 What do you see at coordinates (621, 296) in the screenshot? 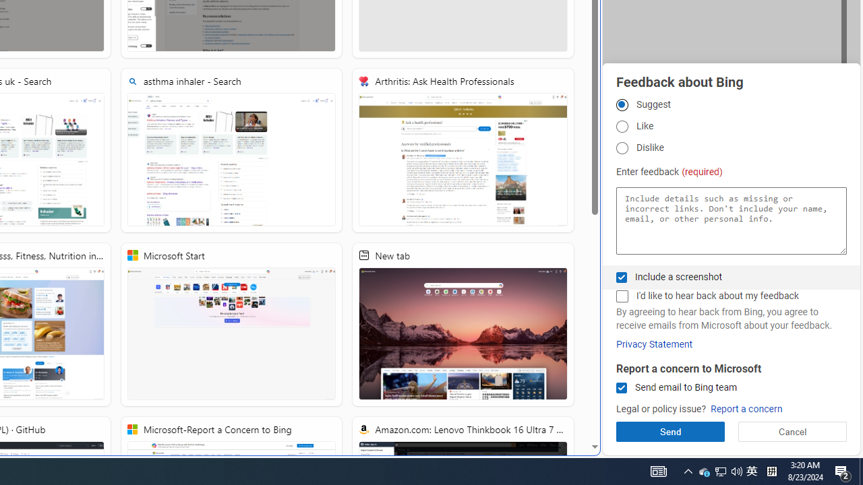
I see `'I'` at bounding box center [621, 296].